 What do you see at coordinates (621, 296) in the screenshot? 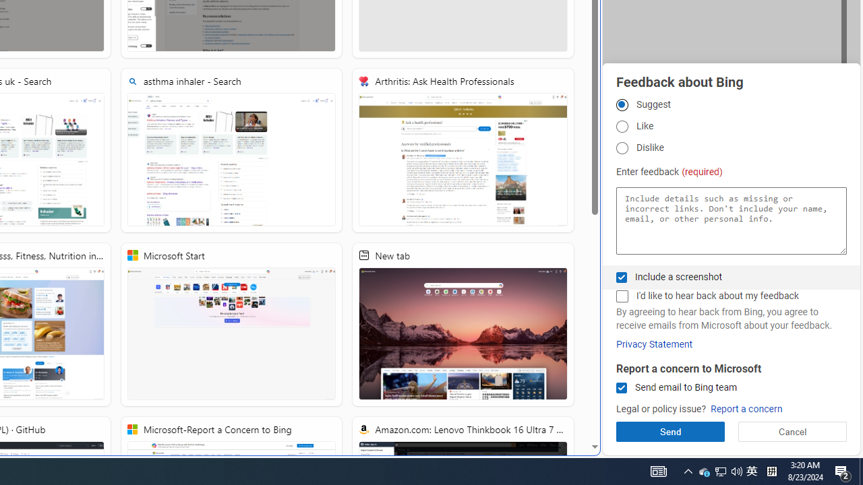
I see `'I'` at bounding box center [621, 296].